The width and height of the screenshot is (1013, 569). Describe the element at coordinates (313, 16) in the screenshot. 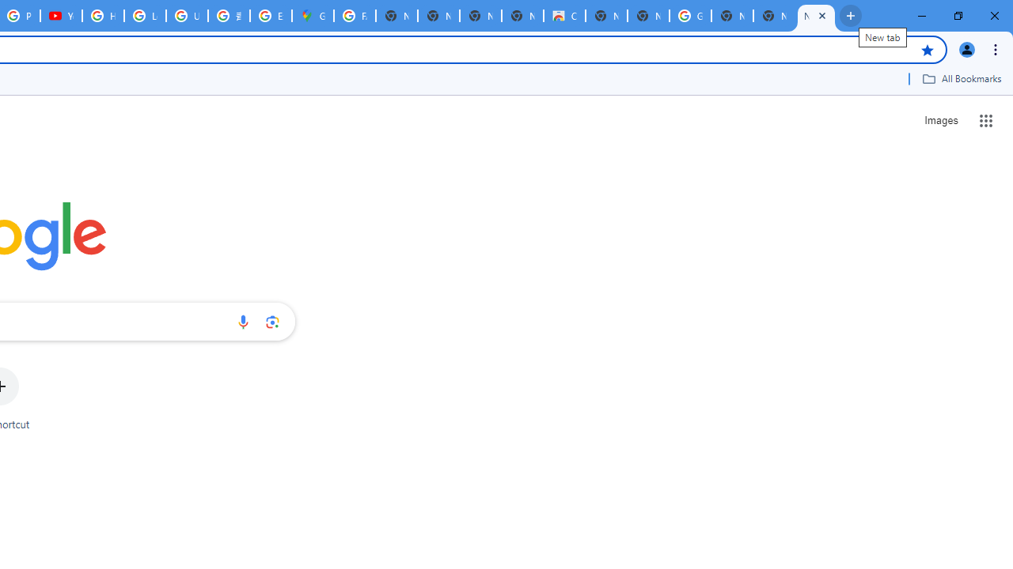

I see `'Google Maps'` at that location.